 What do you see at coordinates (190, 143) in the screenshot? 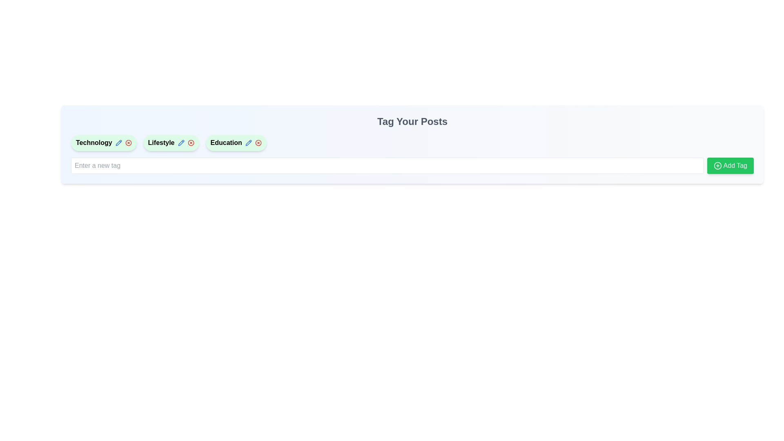
I see `the Delete button icon located to the right of the blue pencil icon` at bounding box center [190, 143].